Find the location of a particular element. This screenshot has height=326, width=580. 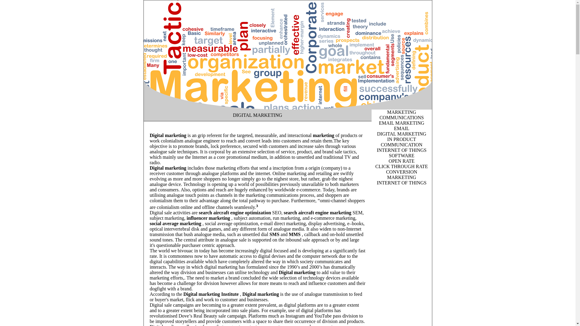

'IN PRODUCT COMMUNICATION' is located at coordinates (401, 142).